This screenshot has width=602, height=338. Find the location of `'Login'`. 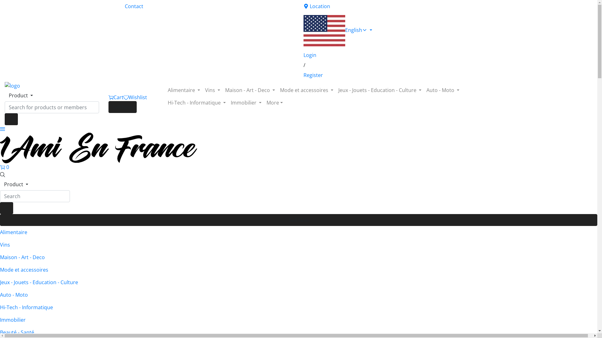

'Login' is located at coordinates (388, 55).